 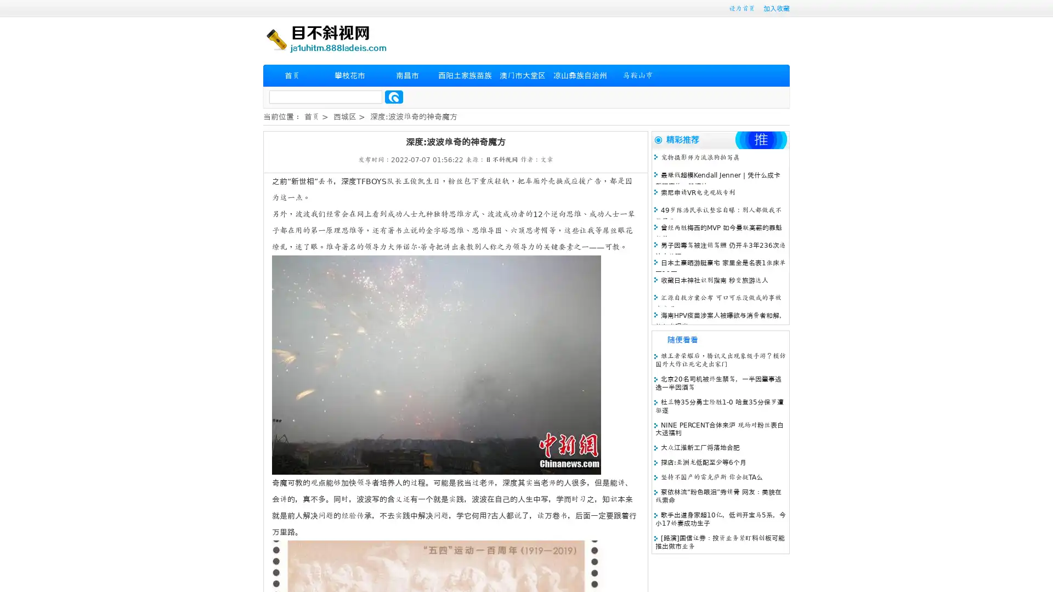 What do you see at coordinates (394, 96) in the screenshot?
I see `Search` at bounding box center [394, 96].